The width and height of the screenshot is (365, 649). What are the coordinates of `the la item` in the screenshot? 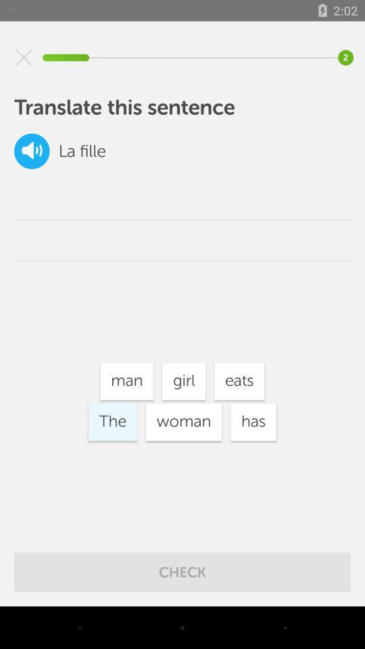 It's located at (66, 151).